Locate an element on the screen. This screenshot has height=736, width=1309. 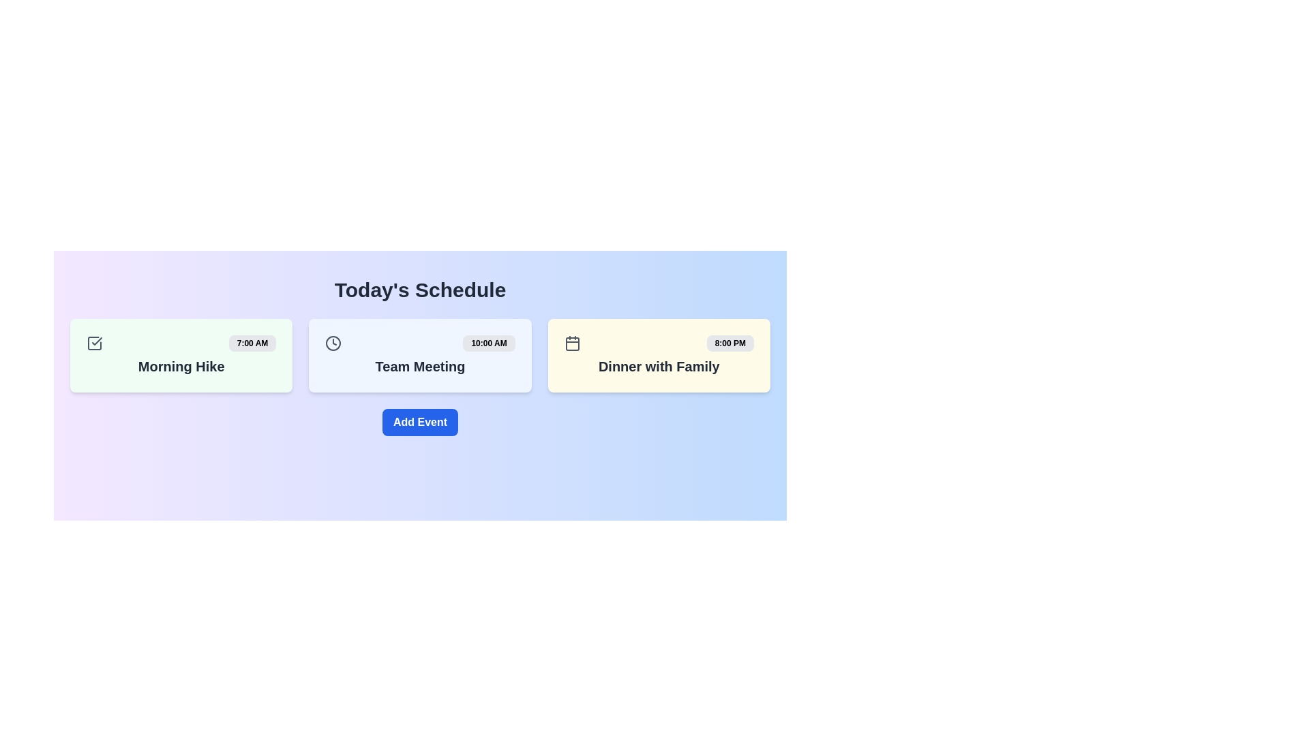
the label displaying '8:00 PM' which is styled in a small, bold, centered font within a rounded rectangle in the upper-right region of the 'Dinner with Family' block is located at coordinates (729, 343).